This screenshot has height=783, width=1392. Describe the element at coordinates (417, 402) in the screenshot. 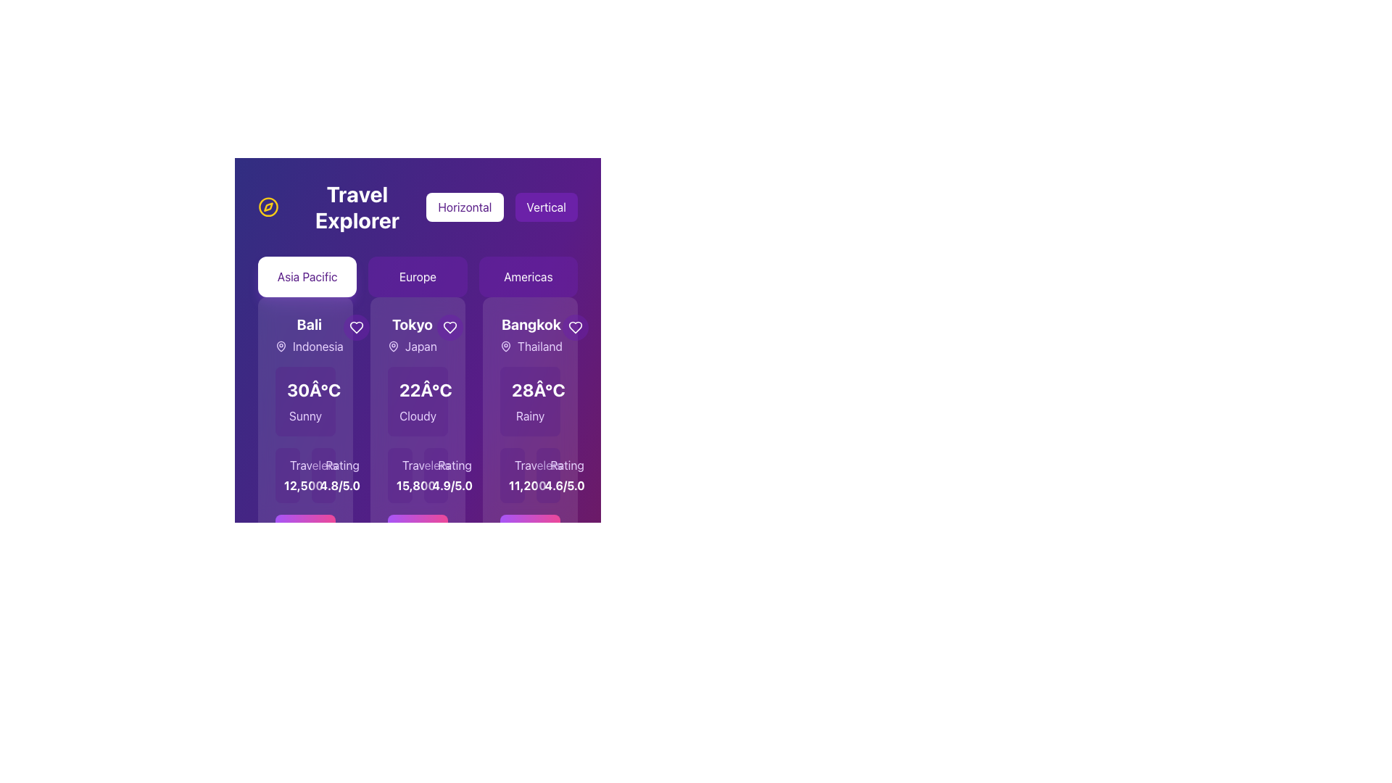

I see `the Information card displaying the weather for Tokyo, positioned under the 'Tokyo' header in the 'Europe' section, between the 'Bali' and 'Bangkok' cards` at that location.